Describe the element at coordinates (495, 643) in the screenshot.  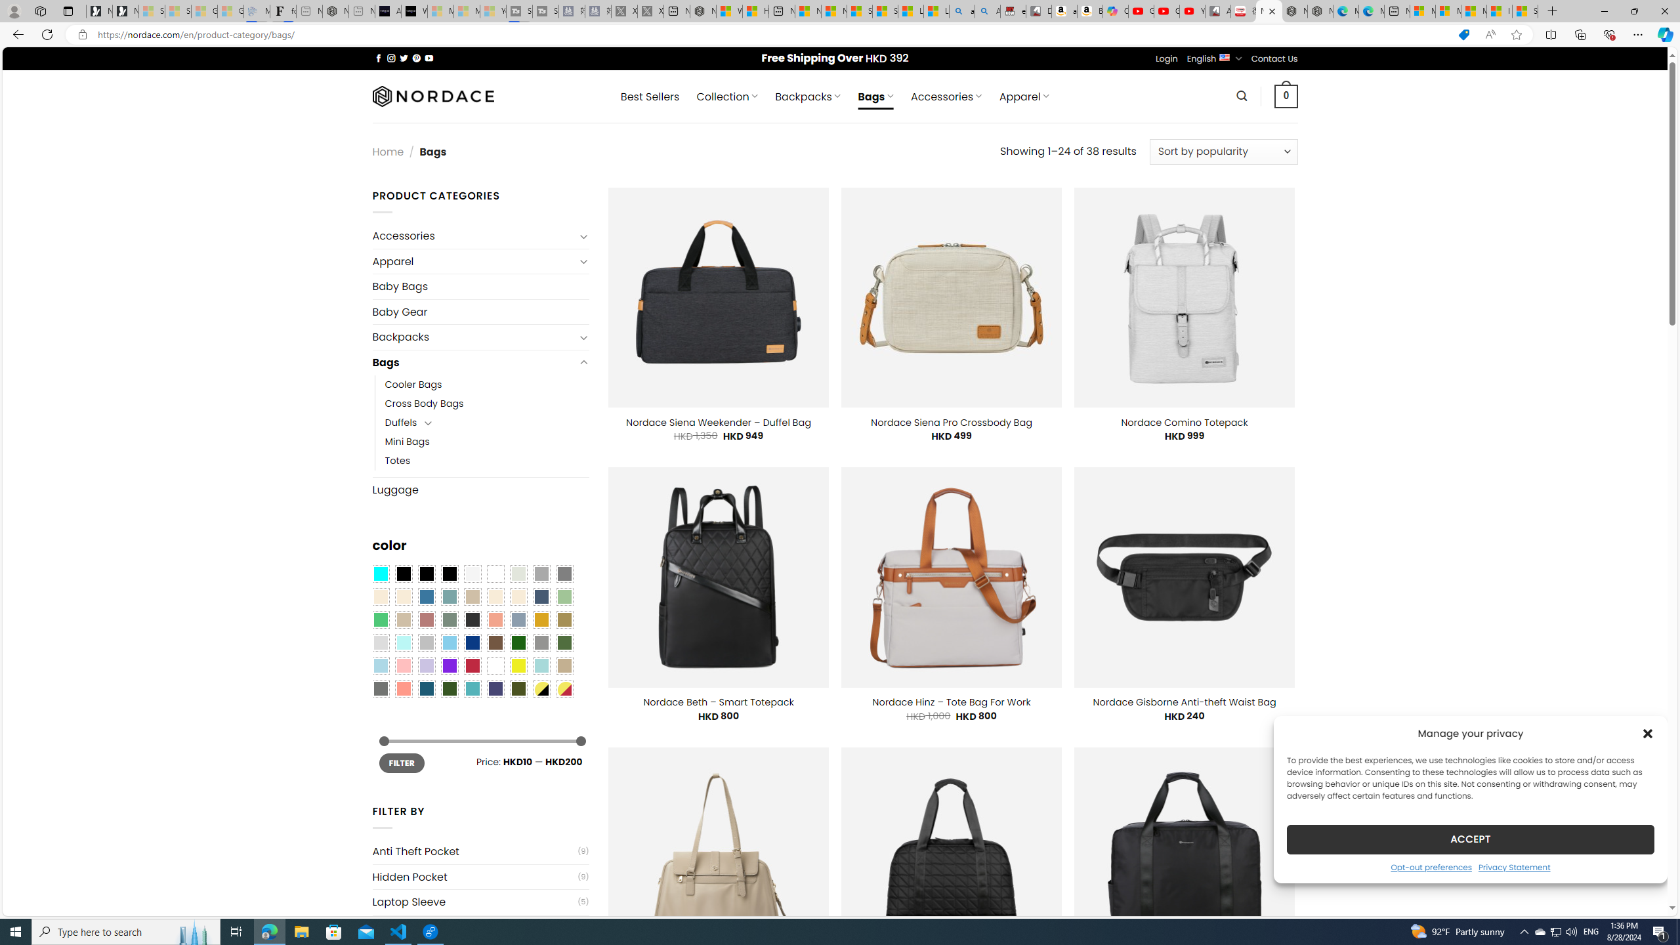
I see `'Brown'` at that location.